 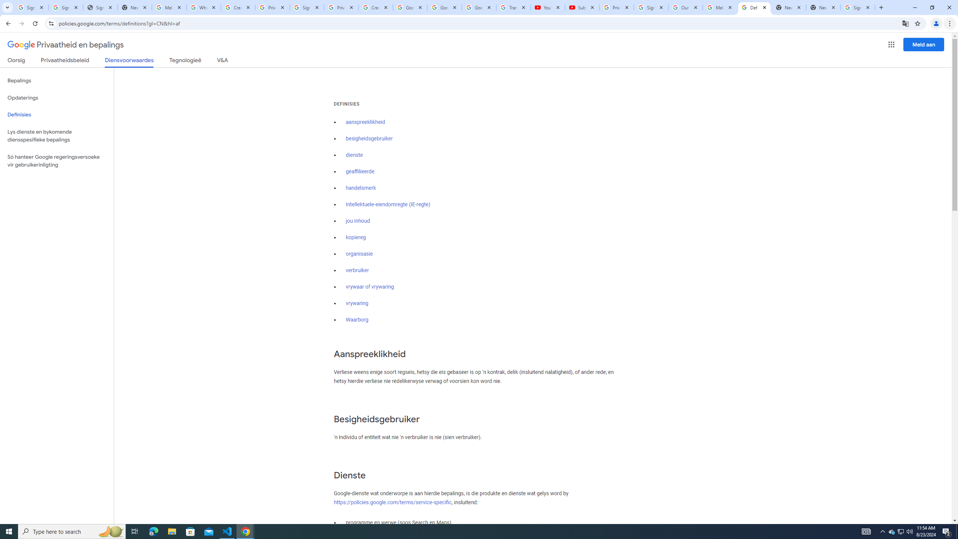 What do you see at coordinates (359, 253) in the screenshot?
I see `'organisasie'` at bounding box center [359, 253].